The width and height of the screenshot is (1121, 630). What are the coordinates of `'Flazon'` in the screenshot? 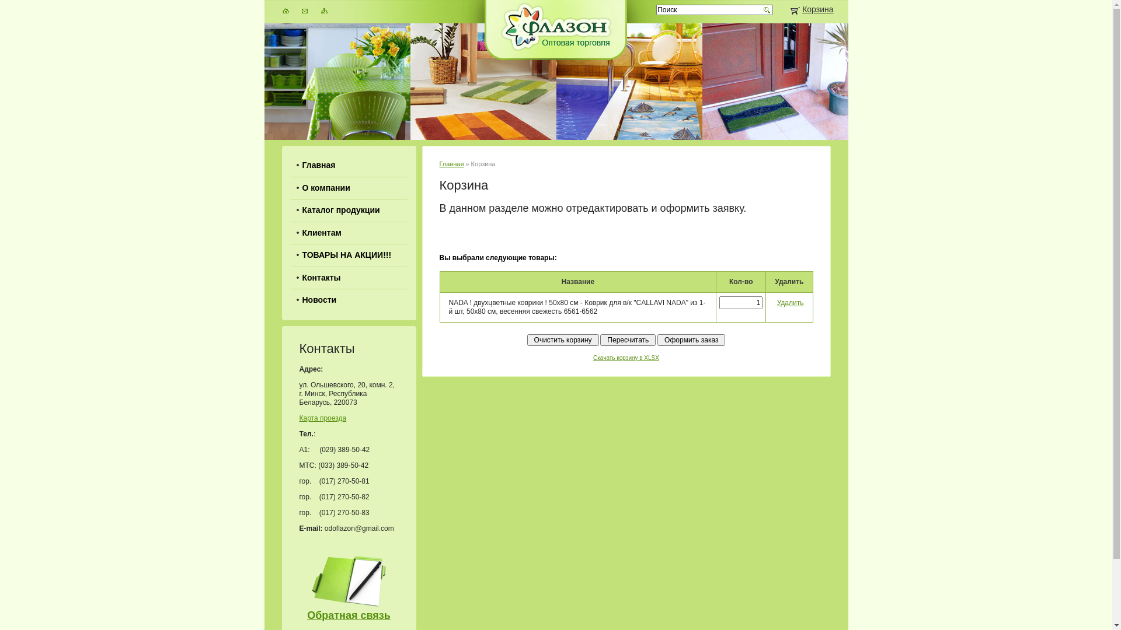 It's located at (556, 47).